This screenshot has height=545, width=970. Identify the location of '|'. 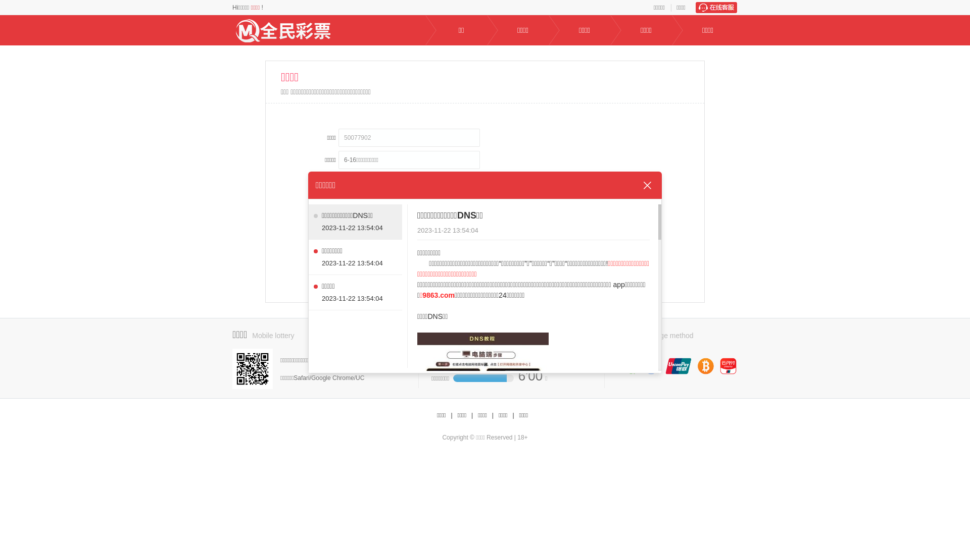
(470, 415).